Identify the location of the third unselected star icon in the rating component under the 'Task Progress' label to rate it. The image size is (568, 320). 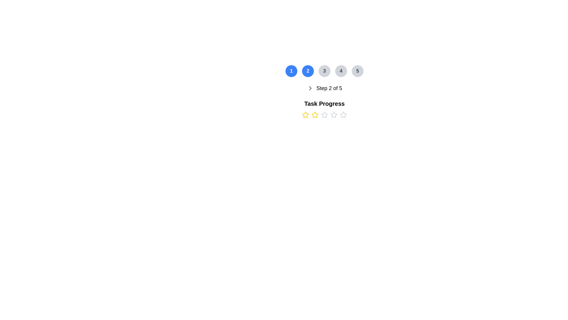
(334, 114).